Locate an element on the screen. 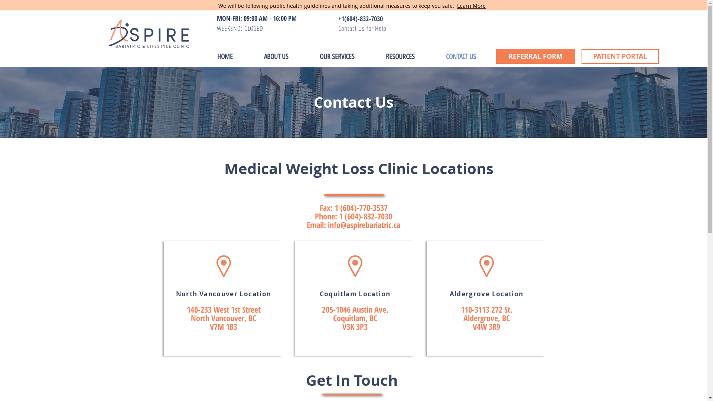  'PATIENT PORTAL' is located at coordinates (620, 56).